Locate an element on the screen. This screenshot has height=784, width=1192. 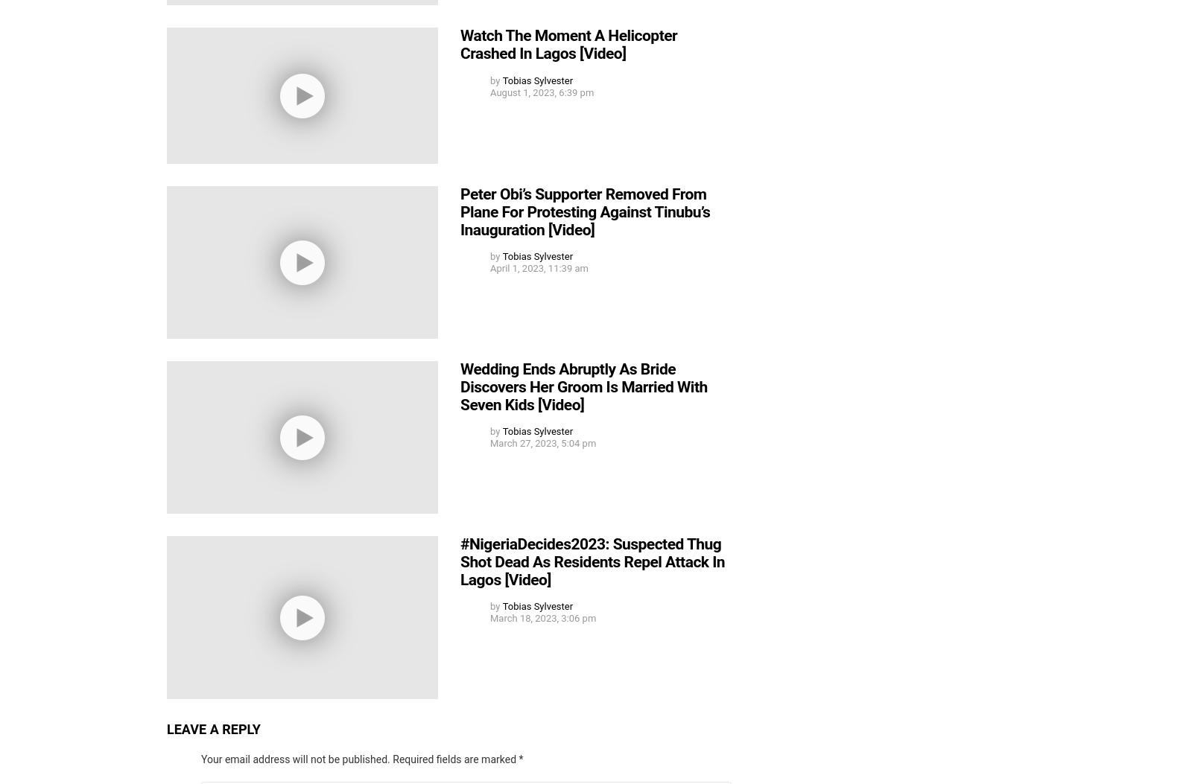
'Required fields are marked' is located at coordinates (455, 759).